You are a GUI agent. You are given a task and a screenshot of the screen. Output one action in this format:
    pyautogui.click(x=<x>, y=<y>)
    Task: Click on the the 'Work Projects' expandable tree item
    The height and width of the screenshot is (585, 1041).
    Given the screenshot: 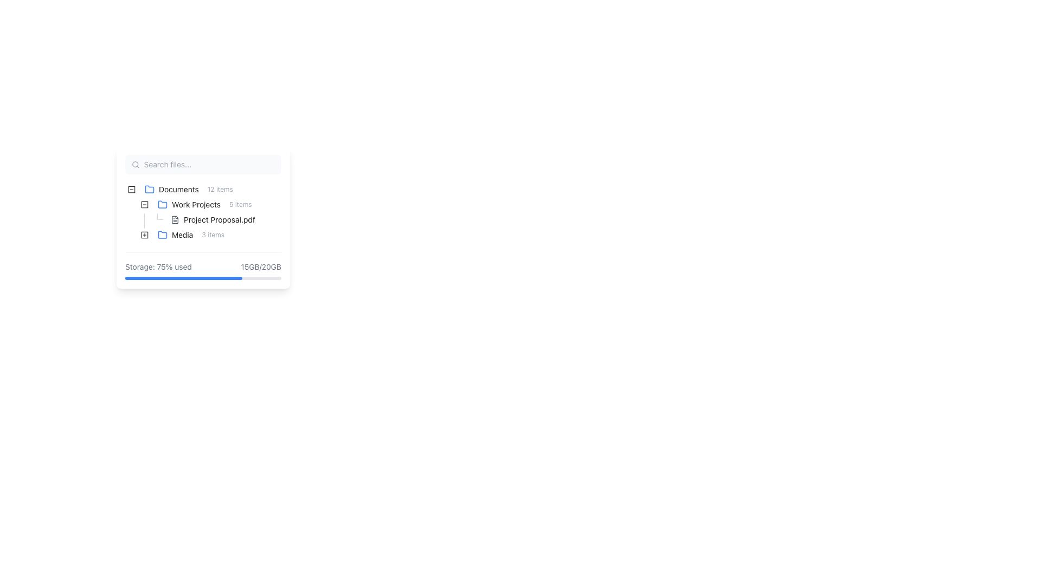 What is the action you would take?
    pyautogui.click(x=190, y=205)
    